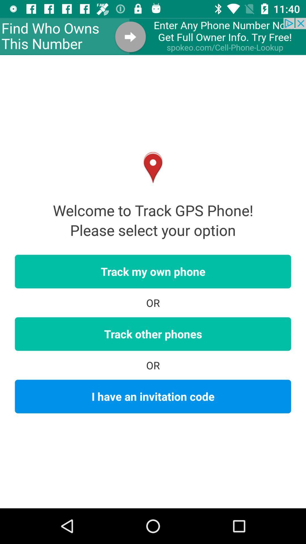 The image size is (306, 544). I want to click on advertisement link, so click(153, 36).